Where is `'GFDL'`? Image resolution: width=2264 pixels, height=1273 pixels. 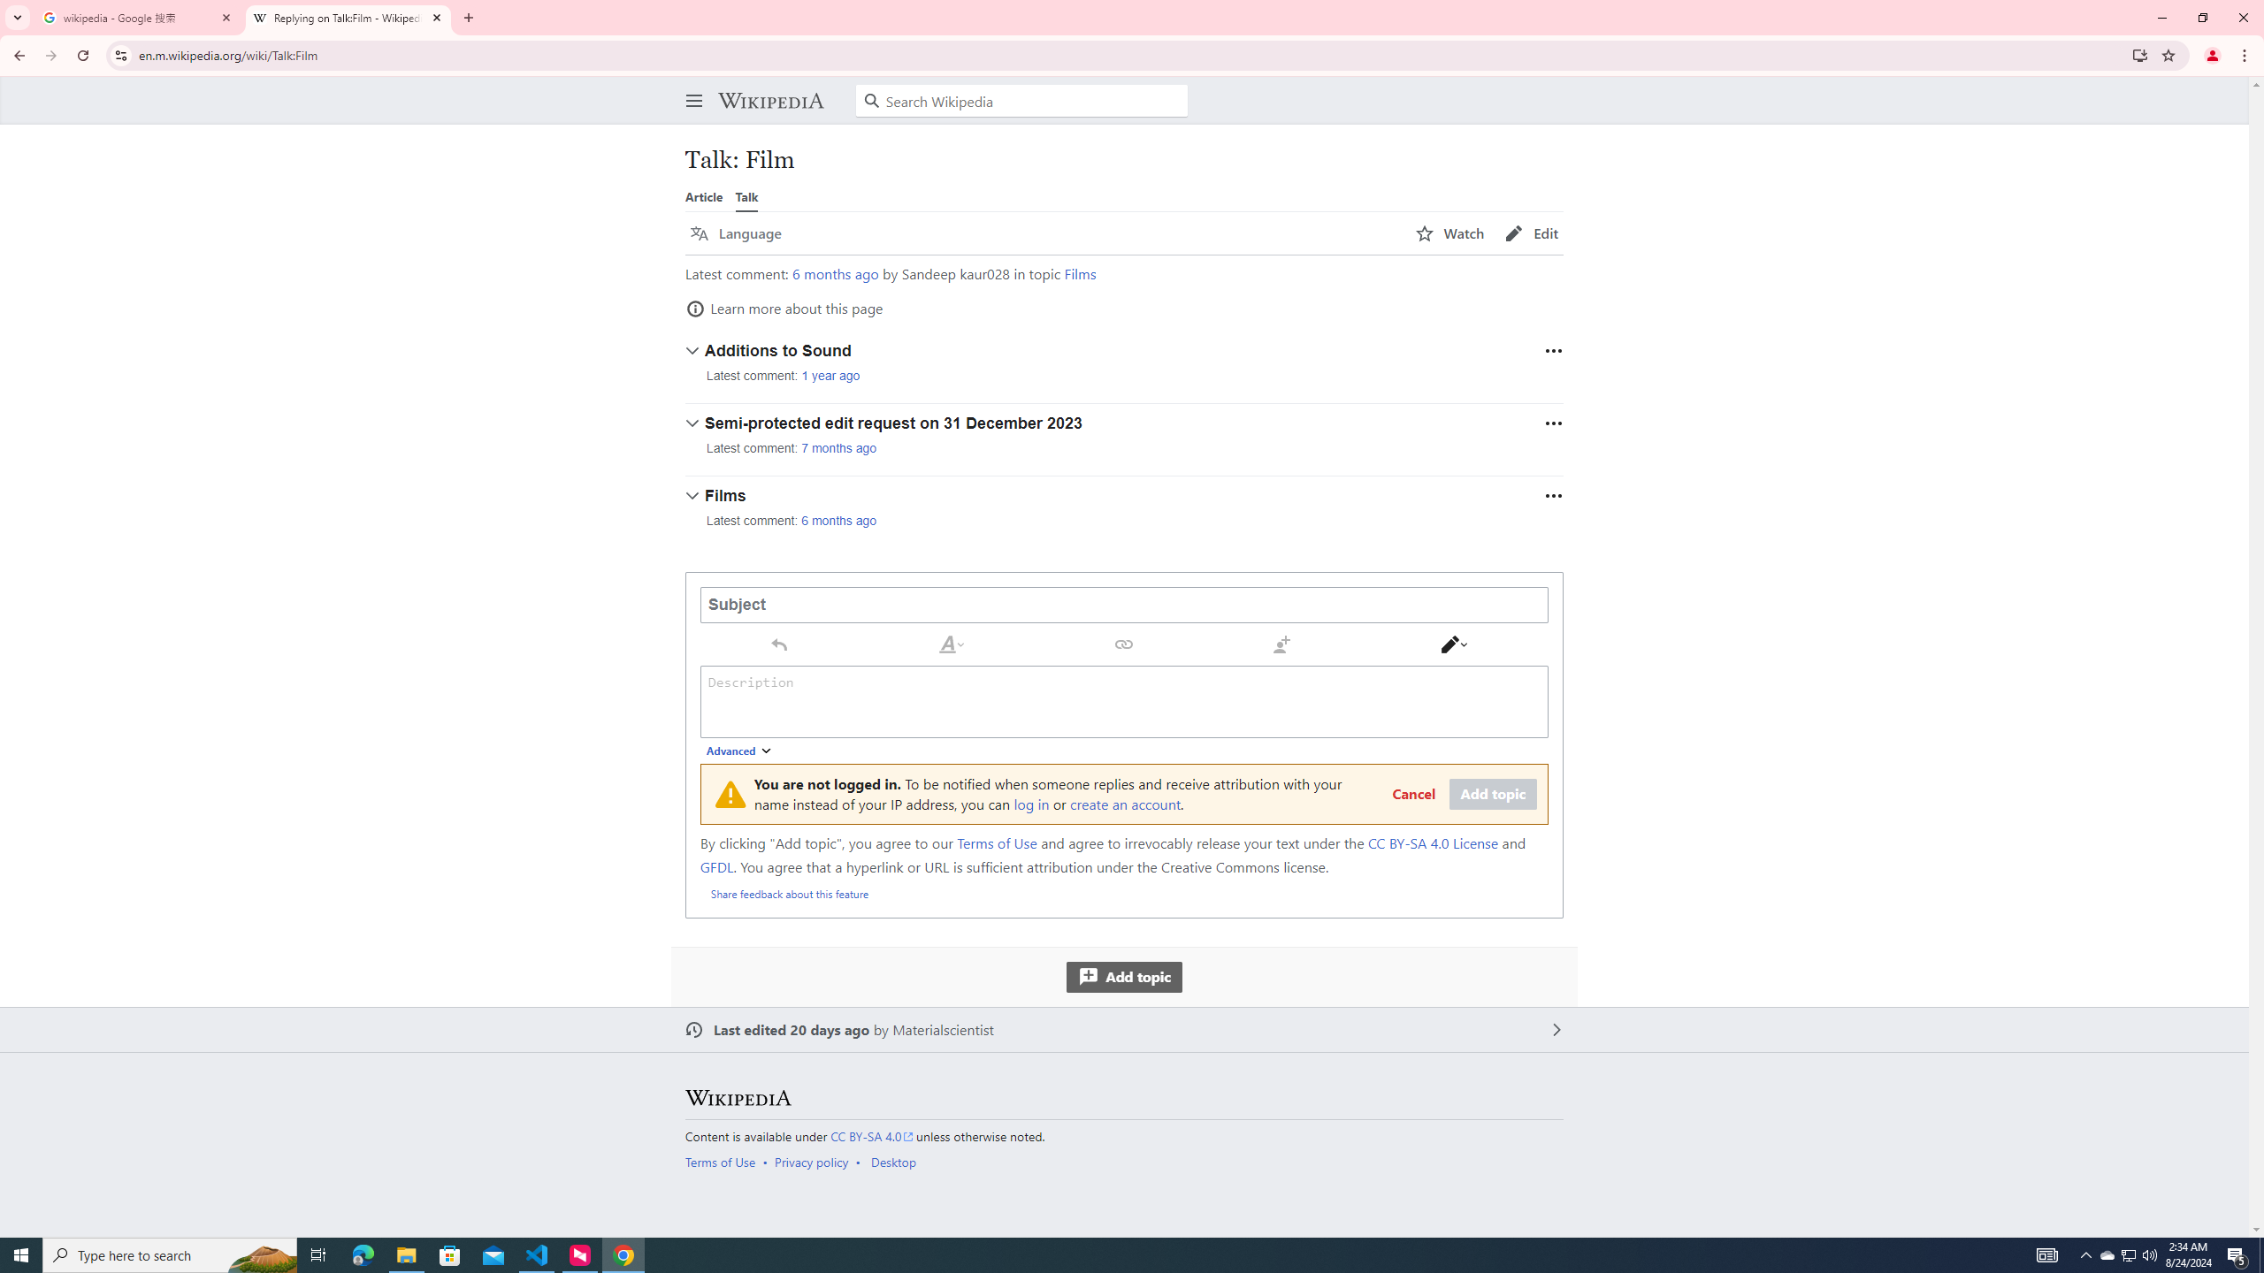
'GFDL' is located at coordinates (716, 865).